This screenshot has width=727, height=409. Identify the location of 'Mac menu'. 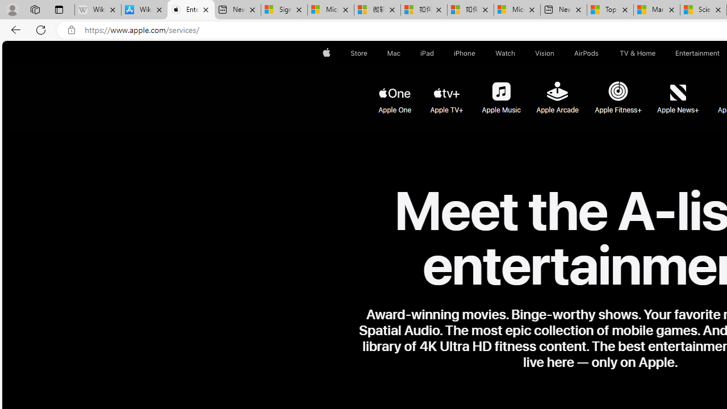
(402, 53).